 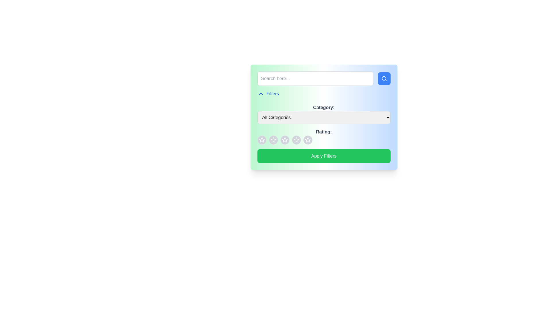 What do you see at coordinates (296, 140) in the screenshot?
I see `the third star in the five-star rating system` at bounding box center [296, 140].